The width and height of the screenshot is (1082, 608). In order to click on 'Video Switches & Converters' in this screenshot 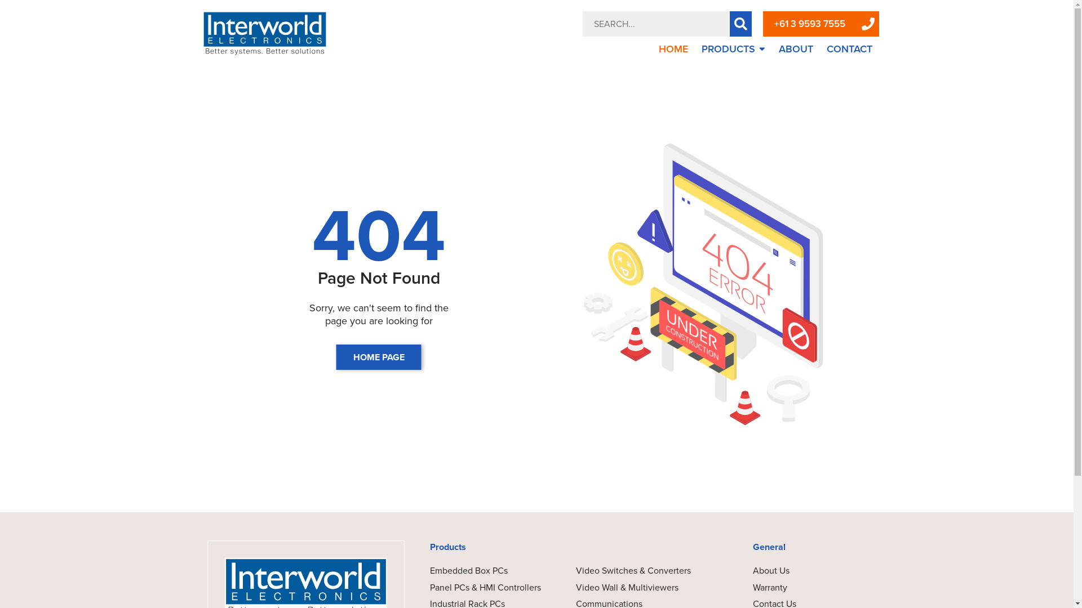, I will do `click(633, 571)`.